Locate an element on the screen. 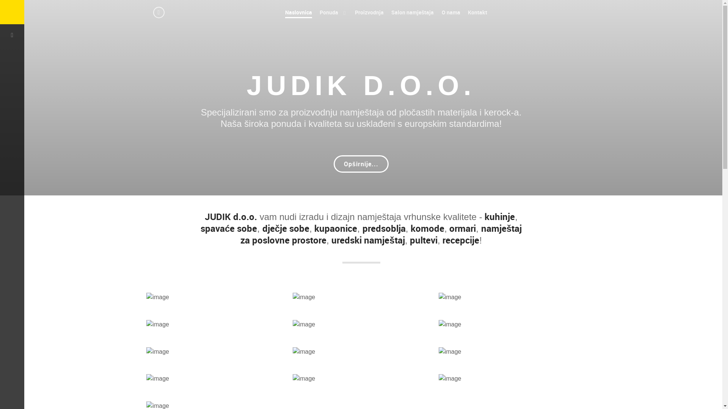 The height and width of the screenshot is (409, 728). 'O nama' is located at coordinates (451, 12).